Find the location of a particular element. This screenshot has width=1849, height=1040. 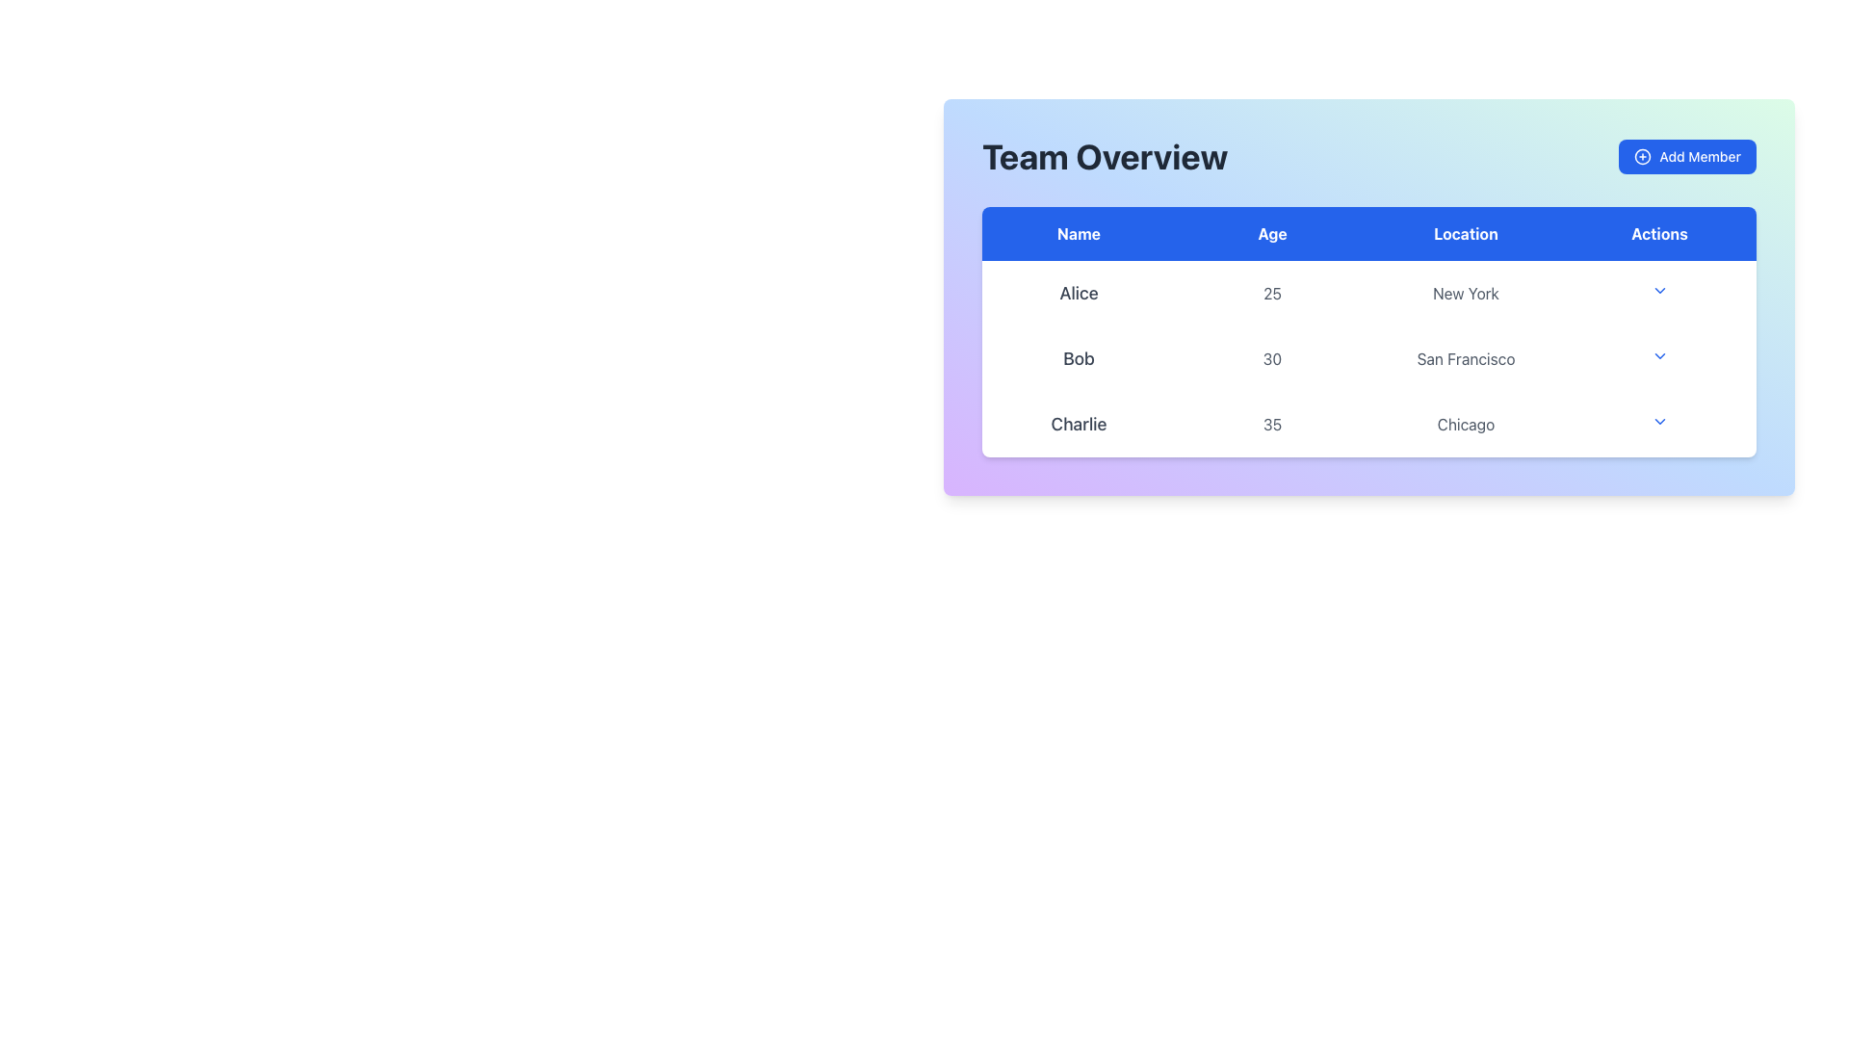

the text element displaying Bob's age, located in the second column of the table under the 'Age' header is located at coordinates (1272, 359).